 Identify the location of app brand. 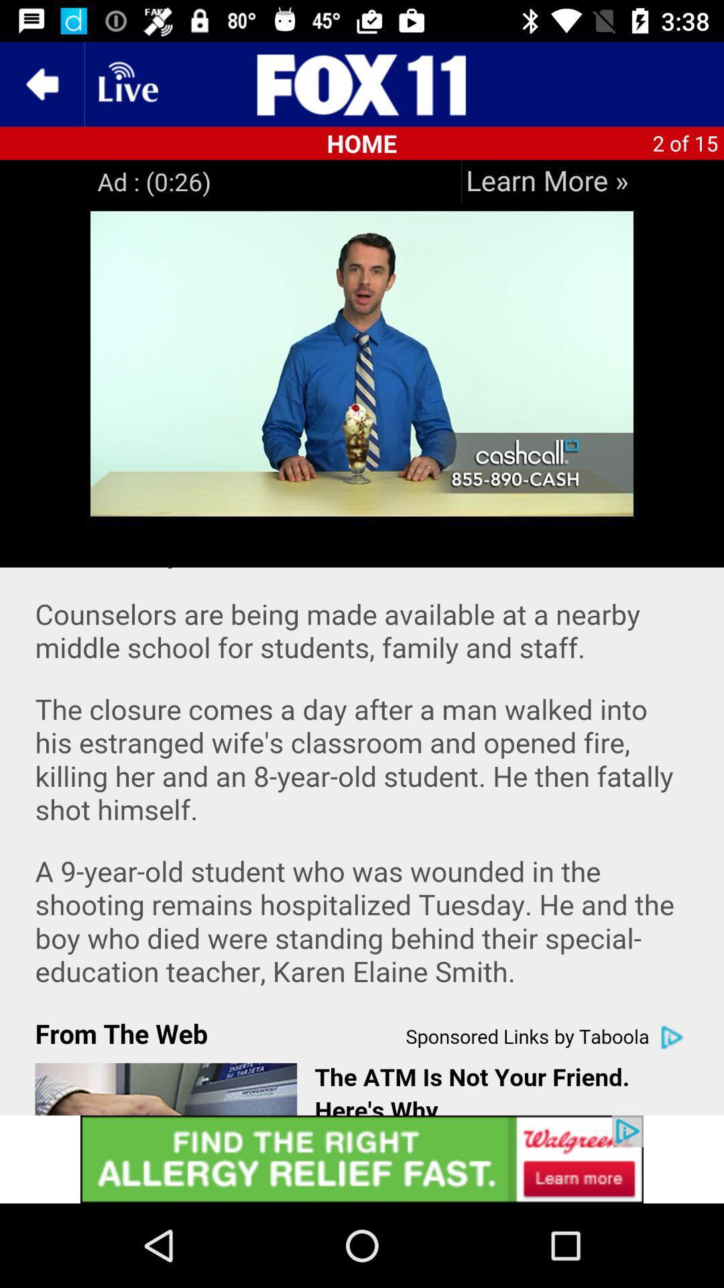
(362, 83).